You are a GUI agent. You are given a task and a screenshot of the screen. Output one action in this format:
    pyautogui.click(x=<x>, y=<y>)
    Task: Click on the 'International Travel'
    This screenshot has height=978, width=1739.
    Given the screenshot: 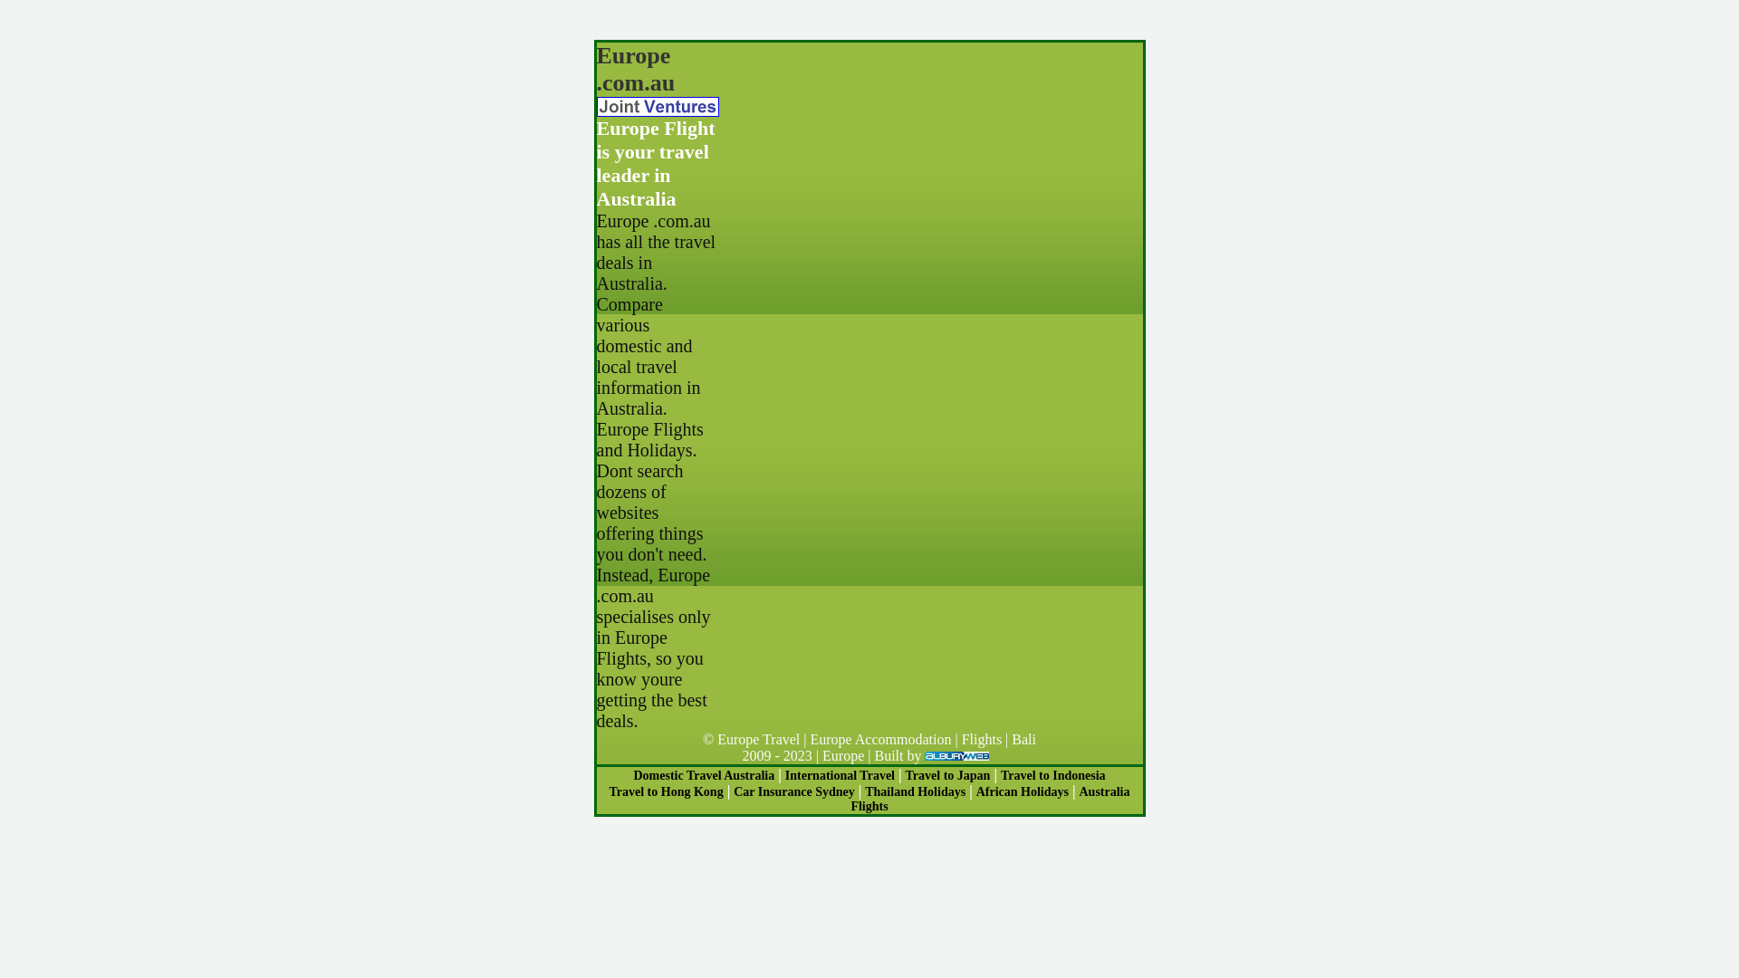 What is the action you would take?
    pyautogui.click(x=839, y=774)
    